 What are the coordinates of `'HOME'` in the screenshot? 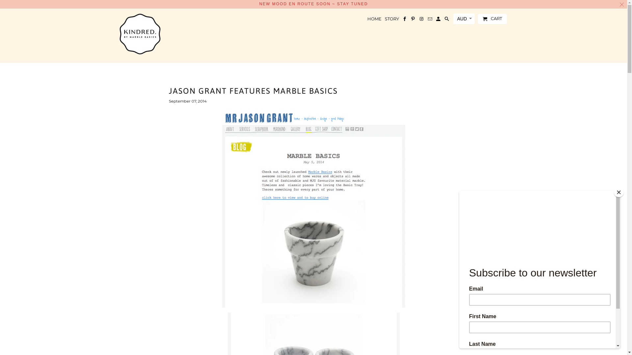 It's located at (374, 20).